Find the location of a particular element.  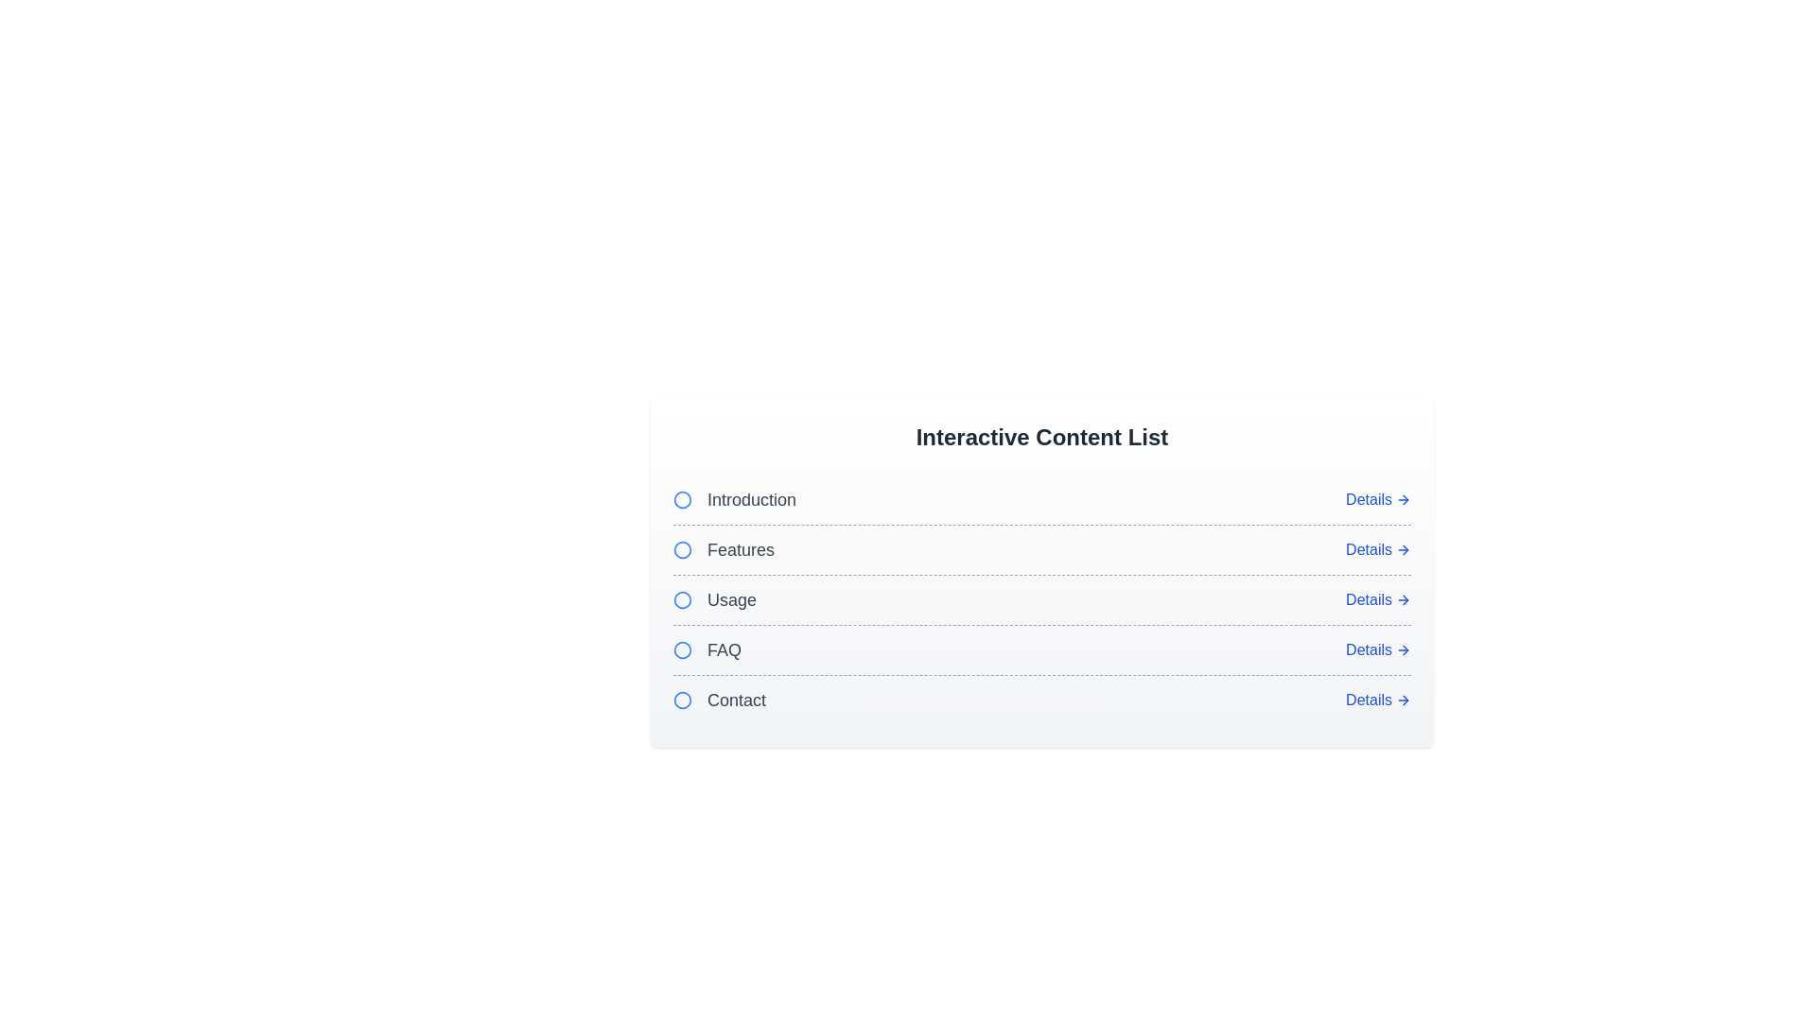

the blue rightward arrow icon located immediately to the right of the 'Details' text in the fifth row of the list is located at coordinates (1403, 498).